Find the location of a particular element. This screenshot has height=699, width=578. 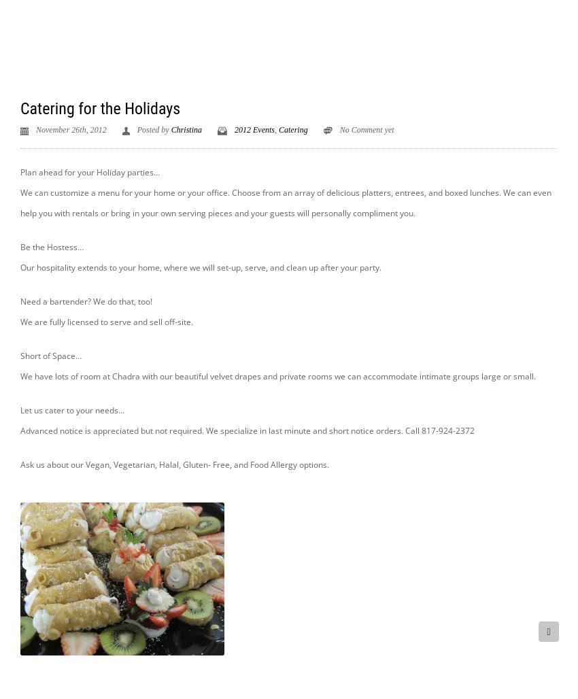

'Be the Hostess…' is located at coordinates (52, 245).